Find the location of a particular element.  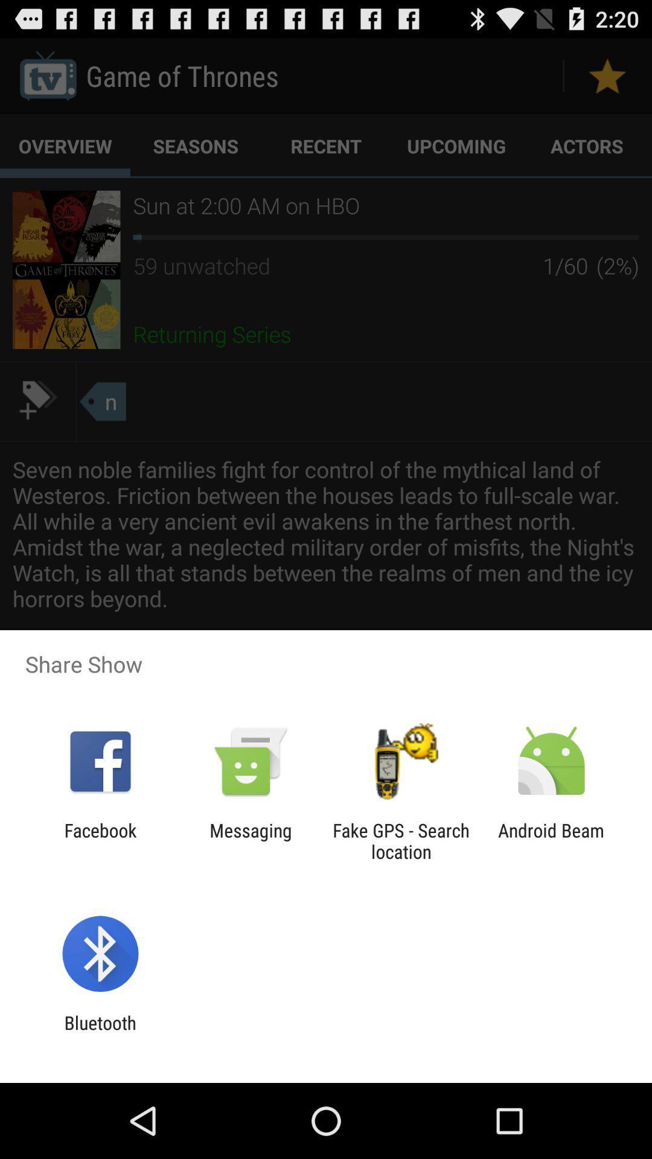

the facebook icon is located at coordinates (100, 840).